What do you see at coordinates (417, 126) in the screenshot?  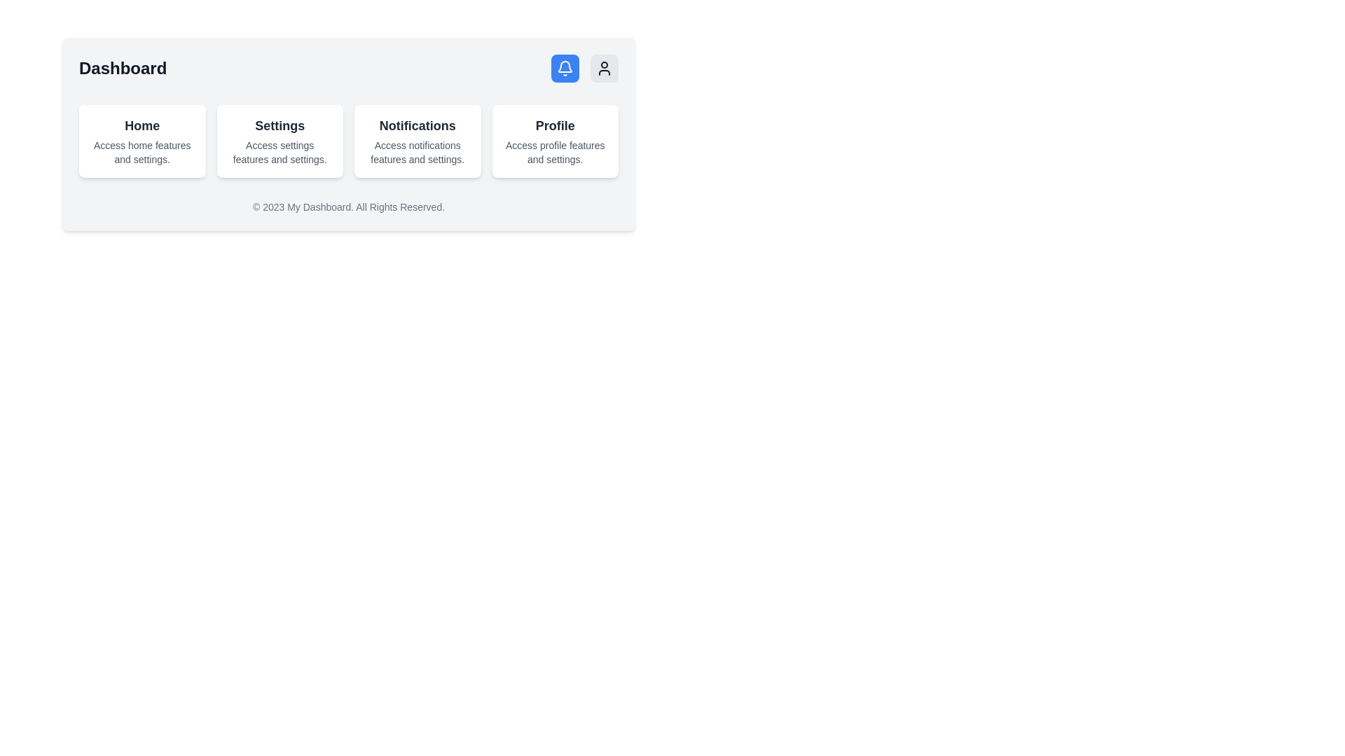 I see `the 'Notifications' text label, which is styled in bold with a dark gray color, located at the upper part of a white card with rounded edges` at bounding box center [417, 126].